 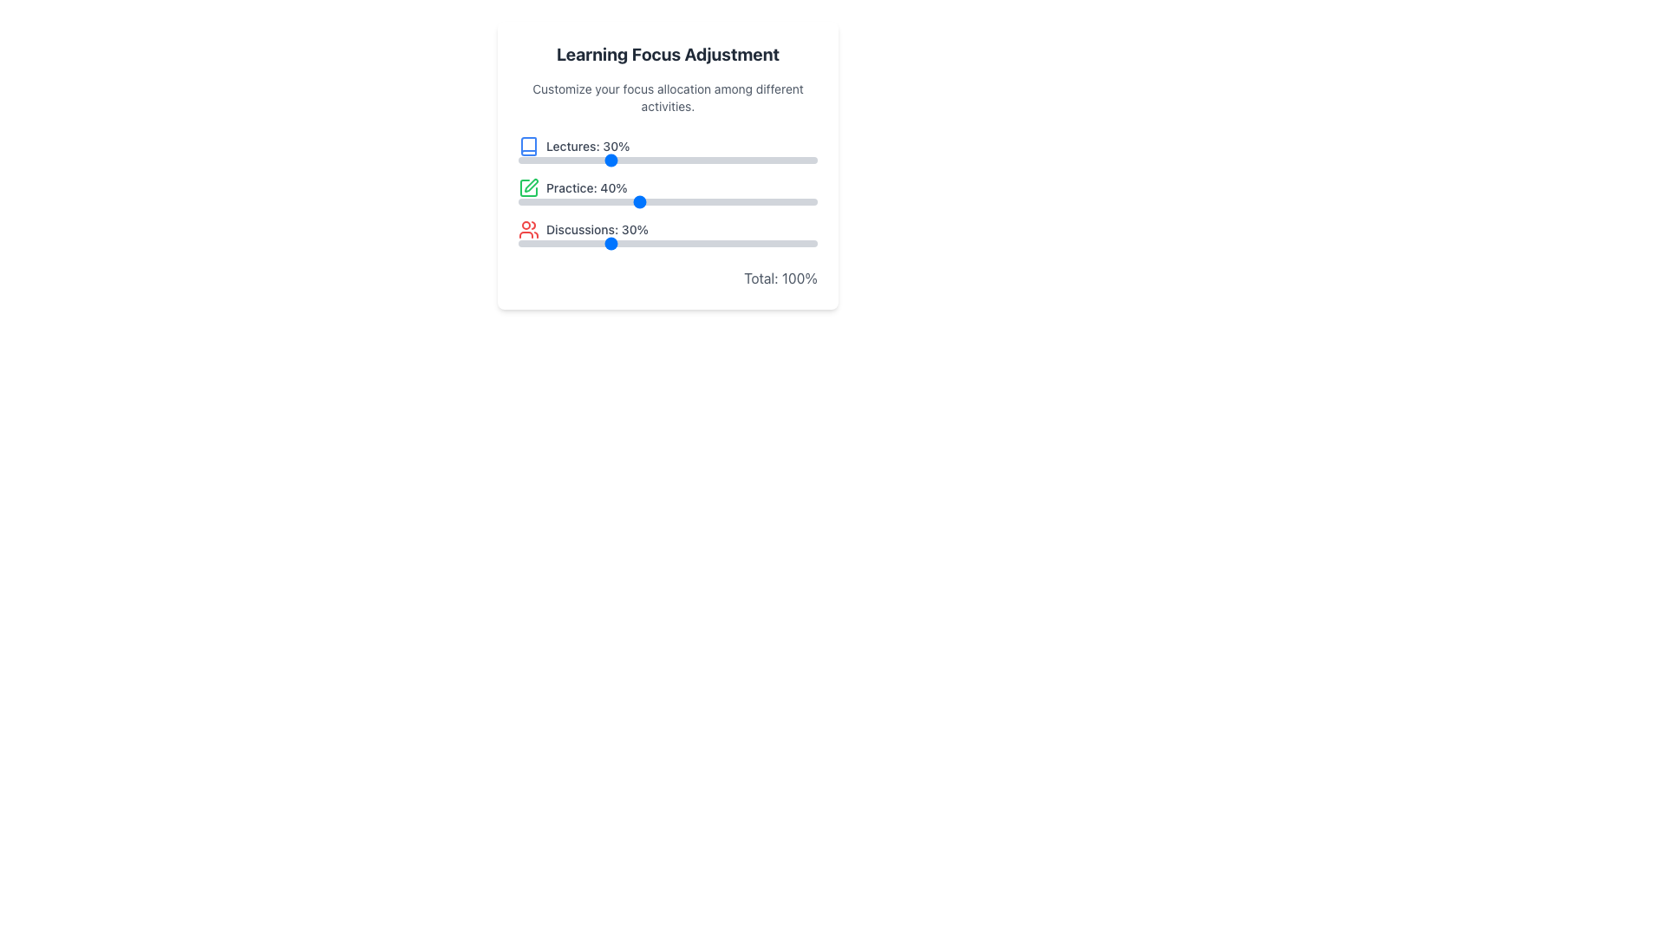 What do you see at coordinates (774, 200) in the screenshot?
I see `the 'Practice' slider` at bounding box center [774, 200].